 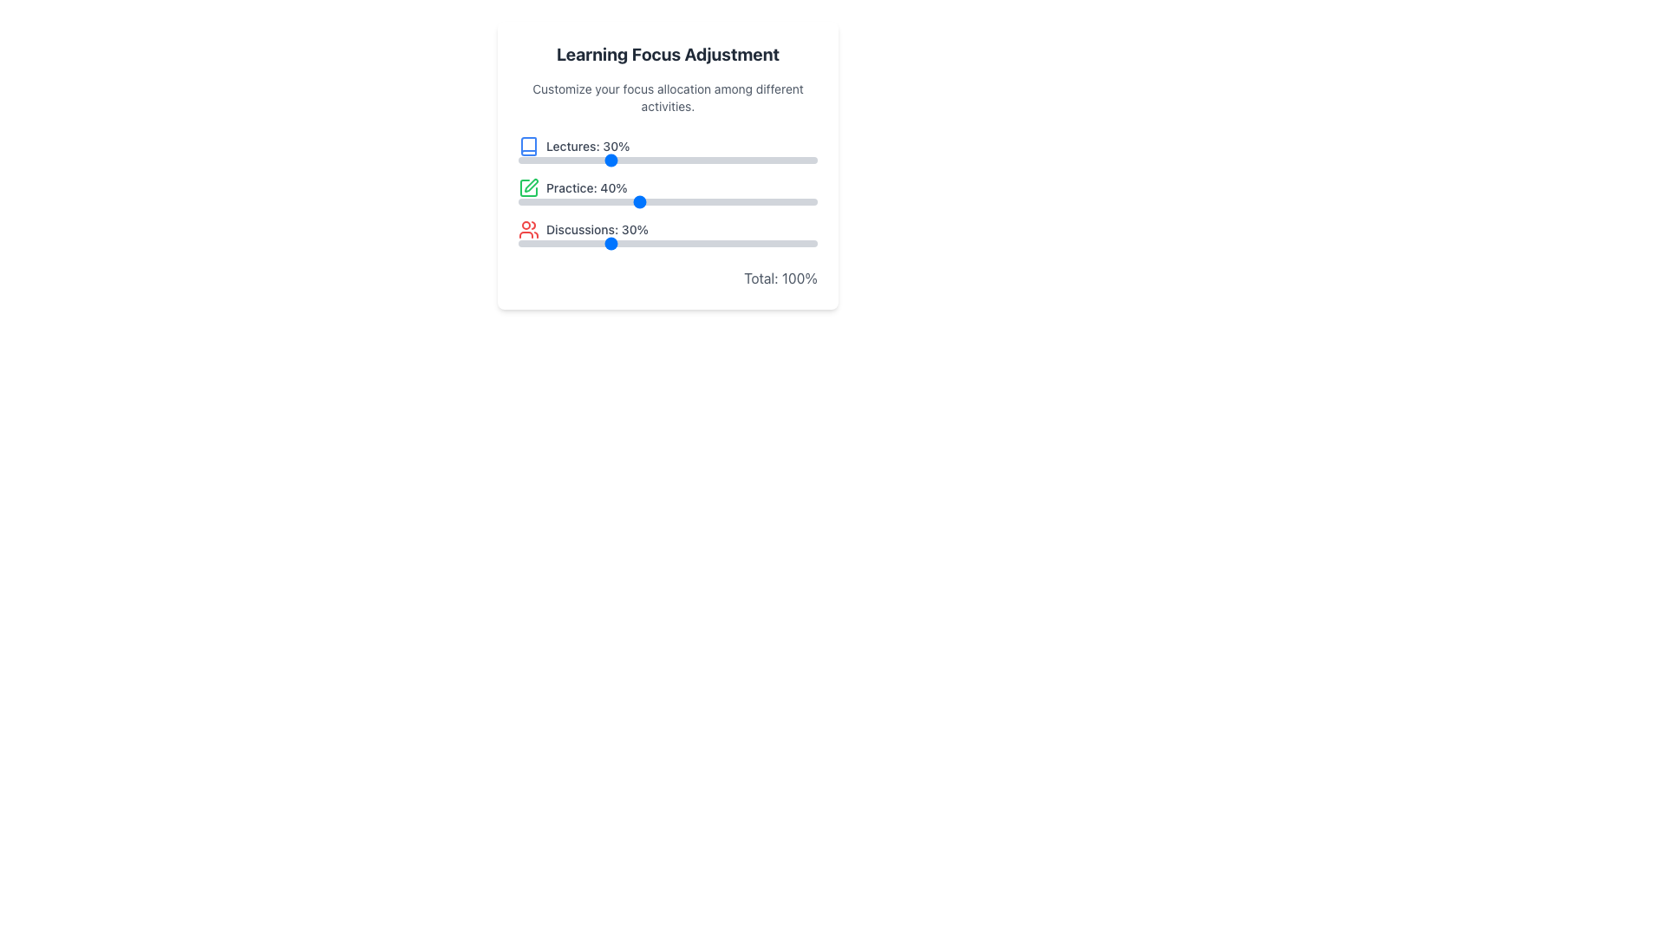 What do you see at coordinates (774, 200) in the screenshot?
I see `the 'Practice' slider` at bounding box center [774, 200].